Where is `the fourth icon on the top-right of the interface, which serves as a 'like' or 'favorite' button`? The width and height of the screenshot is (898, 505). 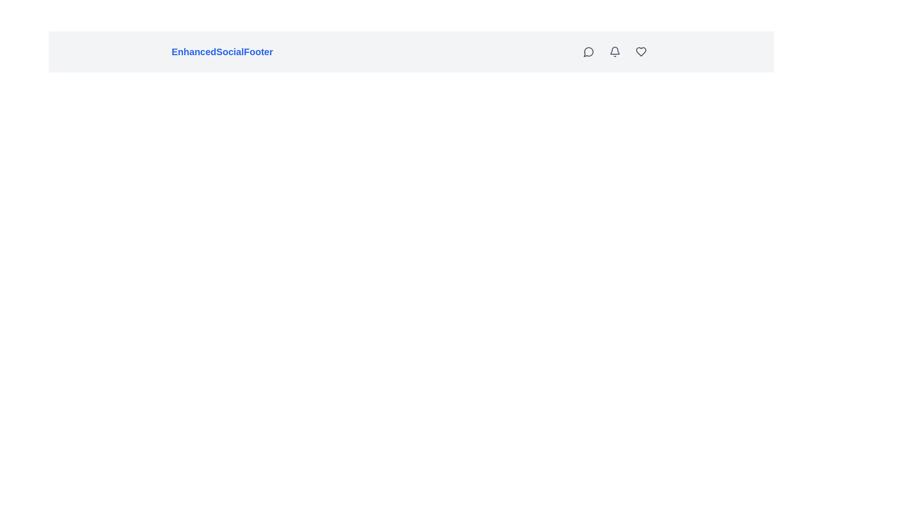 the fourth icon on the top-right of the interface, which serves as a 'like' or 'favorite' button is located at coordinates (641, 52).